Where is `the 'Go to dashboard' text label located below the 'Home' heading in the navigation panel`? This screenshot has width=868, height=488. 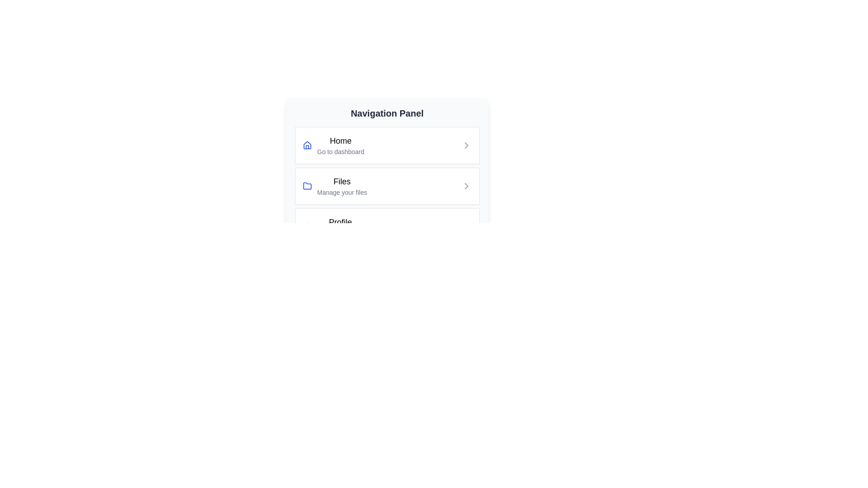 the 'Go to dashboard' text label located below the 'Home' heading in the navigation panel is located at coordinates (340, 151).